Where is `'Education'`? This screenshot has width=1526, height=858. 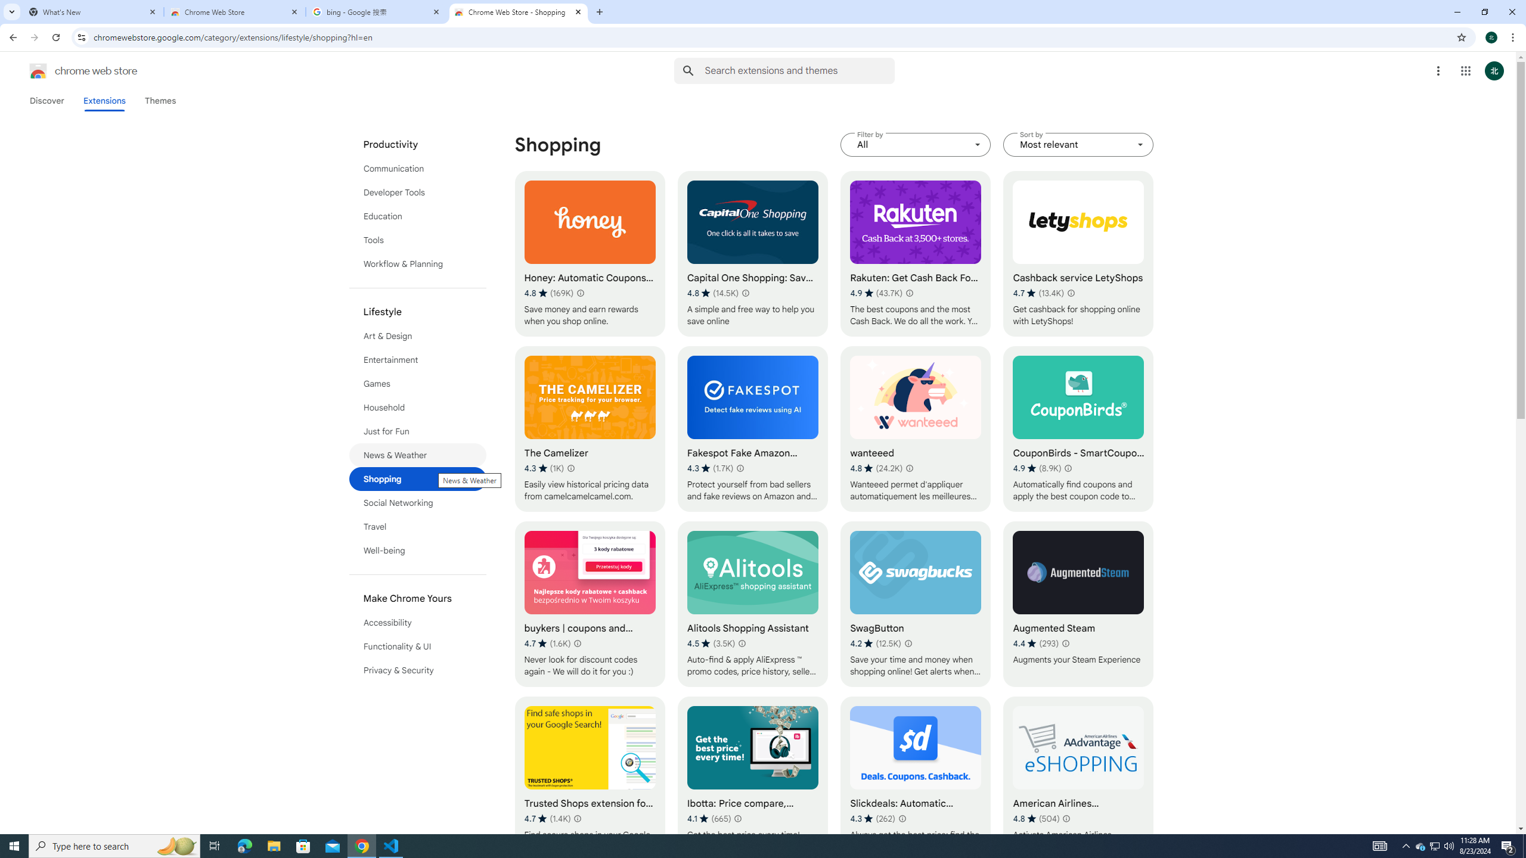
'Education' is located at coordinates (418, 215).